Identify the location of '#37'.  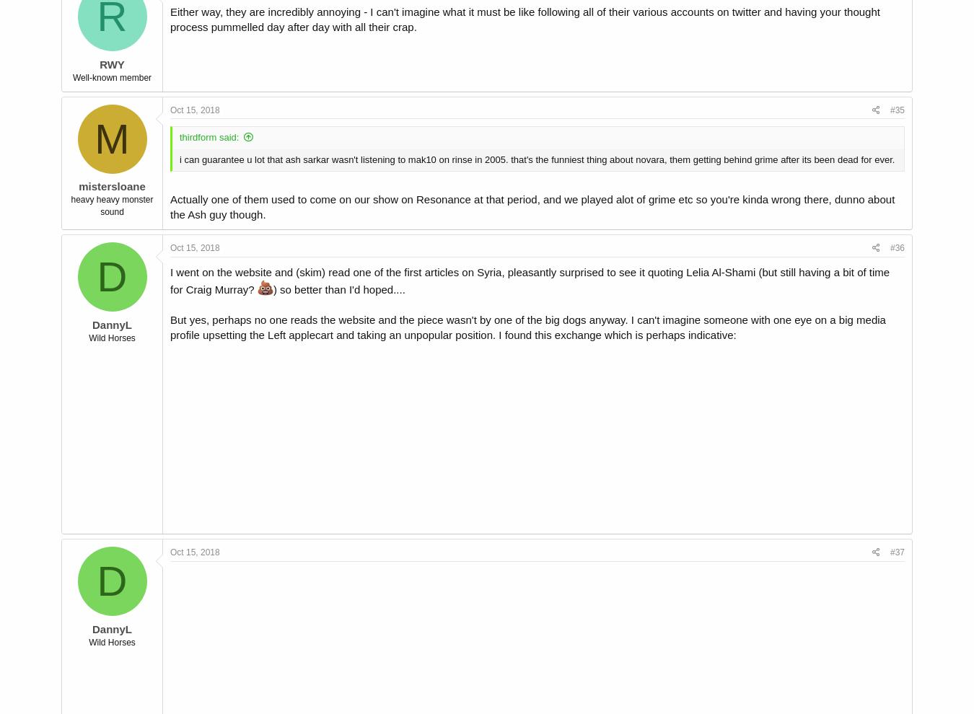
(897, 552).